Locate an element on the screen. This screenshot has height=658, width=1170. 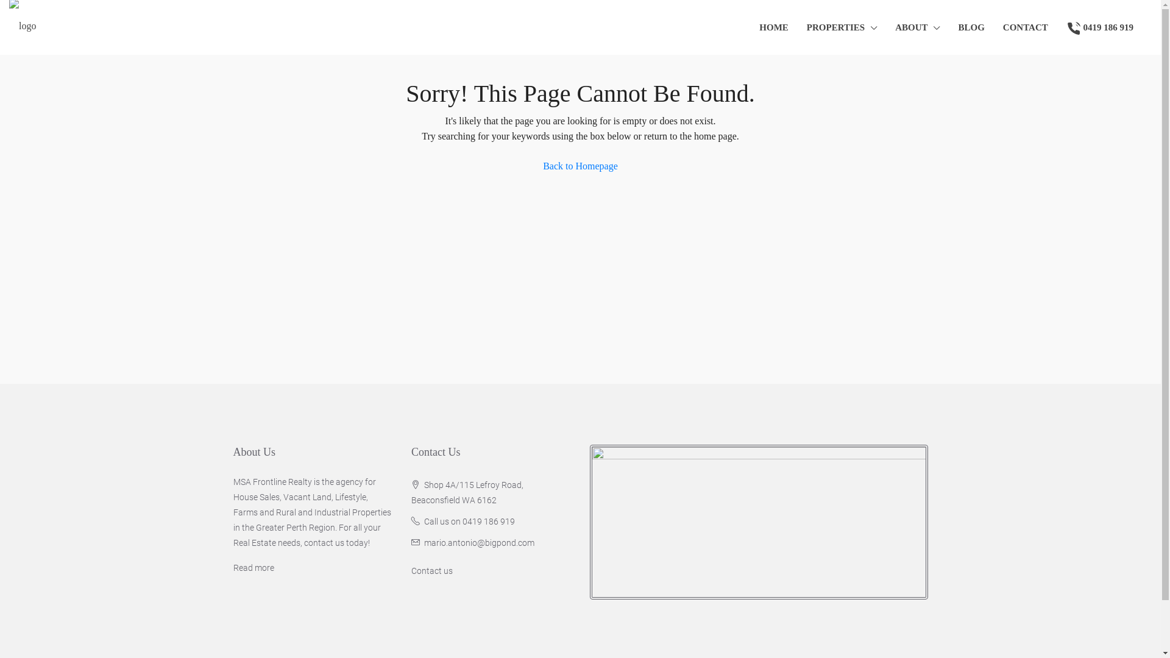
'Contact us' is located at coordinates (432, 571).